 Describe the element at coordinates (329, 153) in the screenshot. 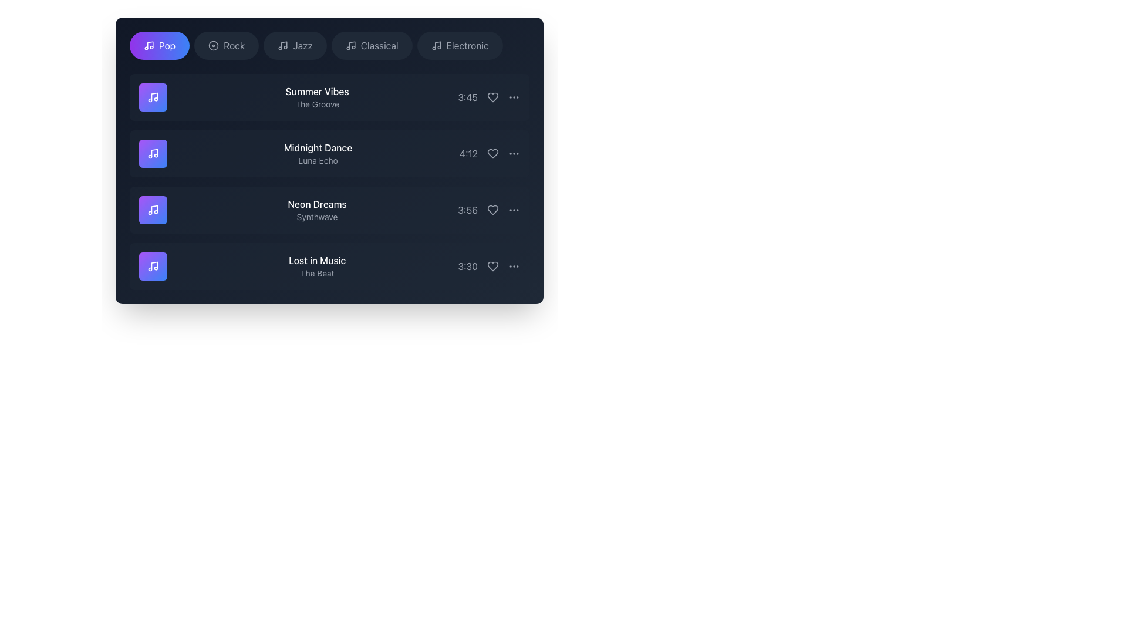

I see `the title 'Midnight Dance' of the second card in the list` at that location.